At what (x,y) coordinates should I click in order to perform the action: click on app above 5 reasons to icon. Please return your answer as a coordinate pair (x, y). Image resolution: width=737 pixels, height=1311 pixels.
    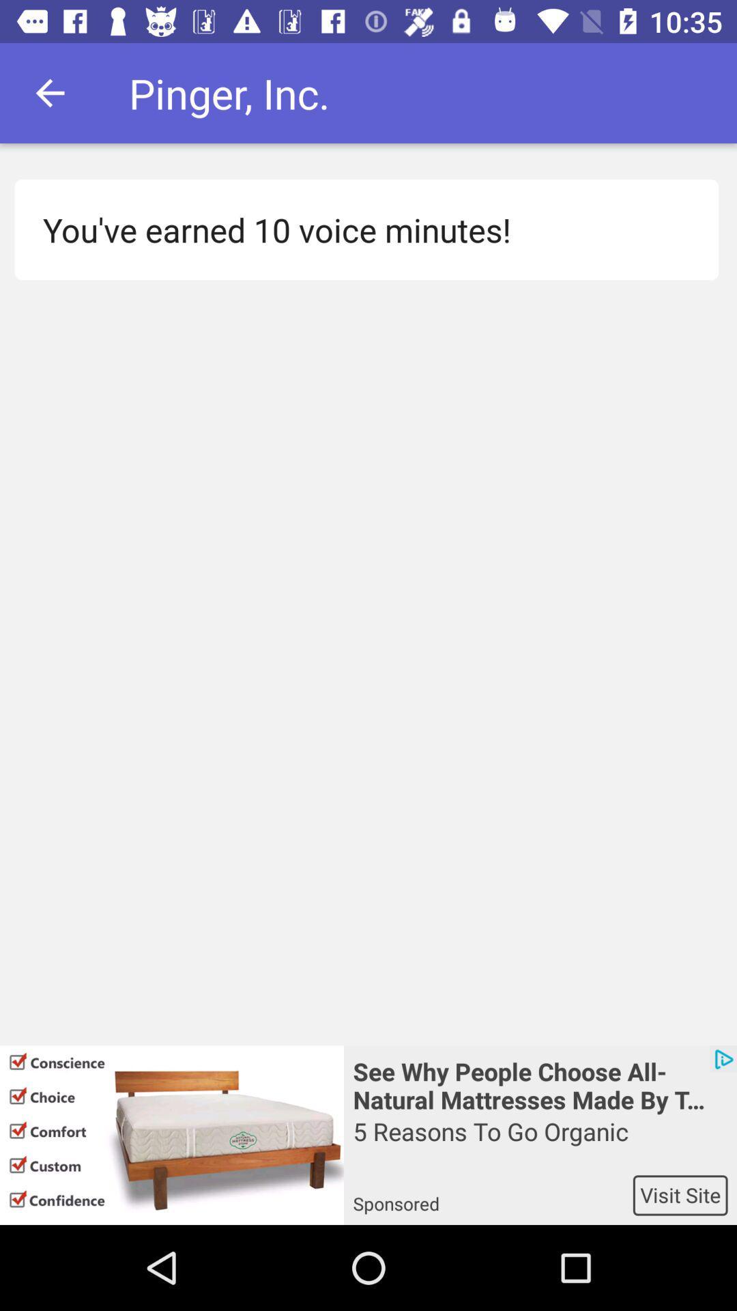
    Looking at the image, I should click on (539, 1084).